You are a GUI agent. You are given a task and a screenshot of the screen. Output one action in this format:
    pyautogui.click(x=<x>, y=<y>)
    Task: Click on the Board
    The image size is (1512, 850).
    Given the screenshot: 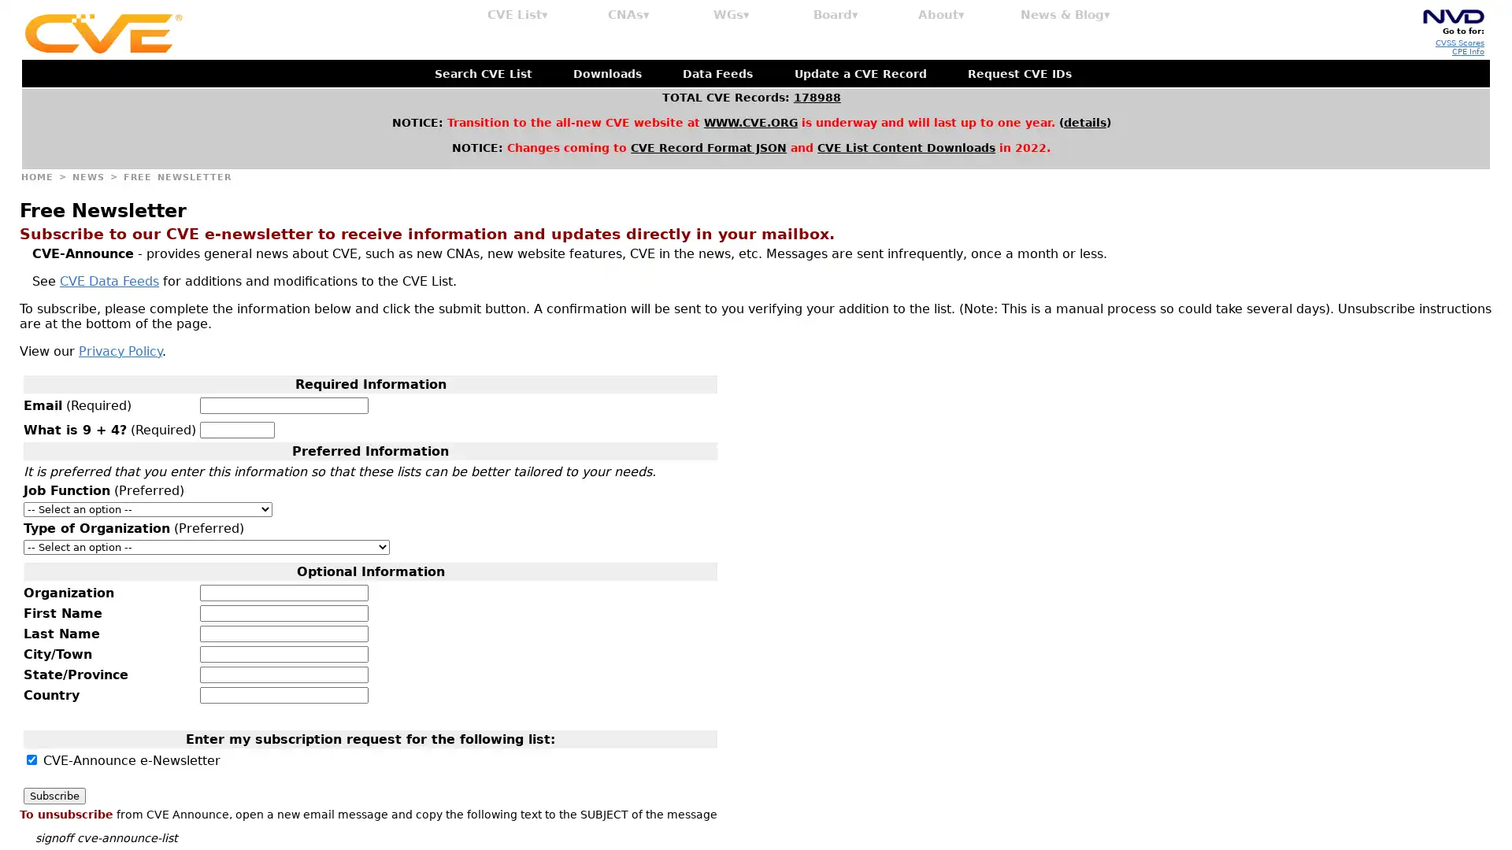 What is the action you would take?
    pyautogui.click(x=835, y=15)
    